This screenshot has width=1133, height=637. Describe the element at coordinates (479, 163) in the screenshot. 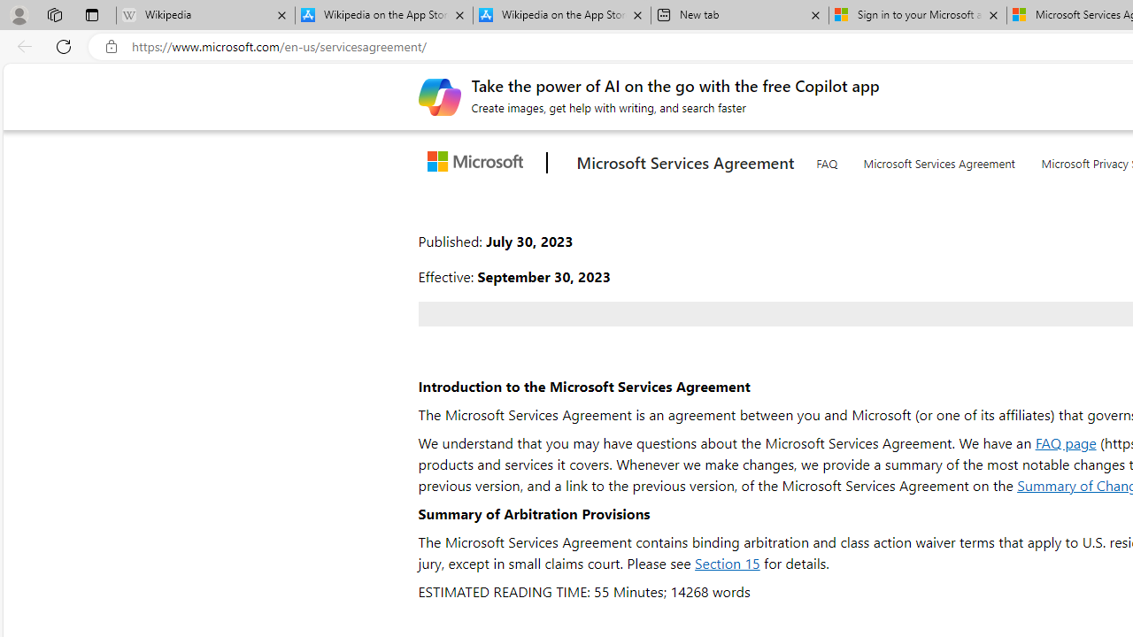

I see `'Microsoft'` at that location.